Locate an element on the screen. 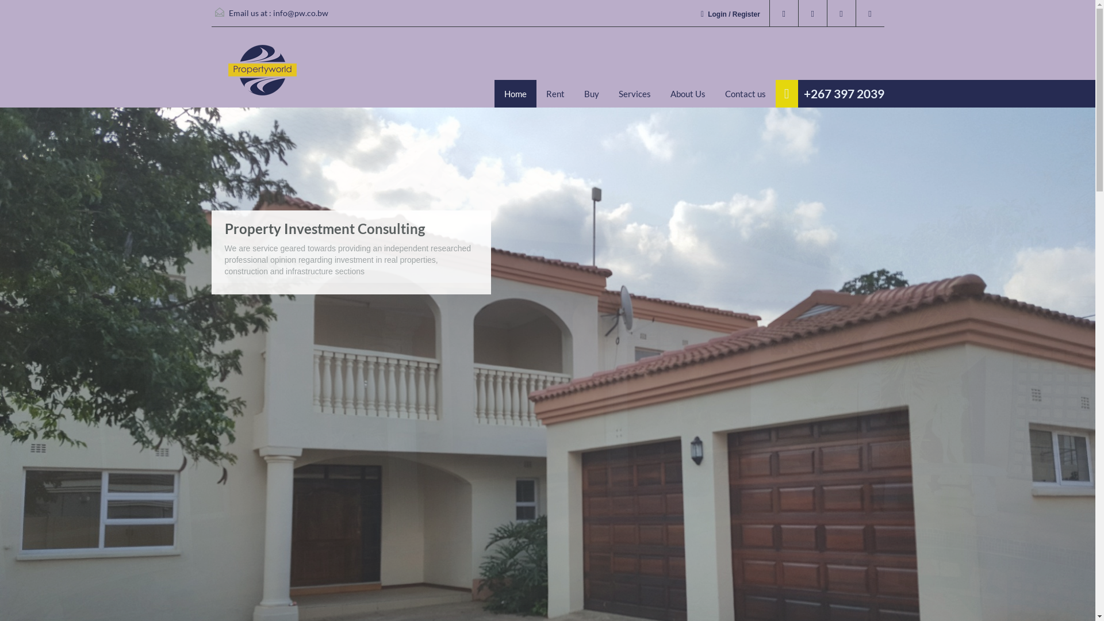 Image resolution: width=1104 pixels, height=621 pixels. 'Contact us' is located at coordinates (745, 93).